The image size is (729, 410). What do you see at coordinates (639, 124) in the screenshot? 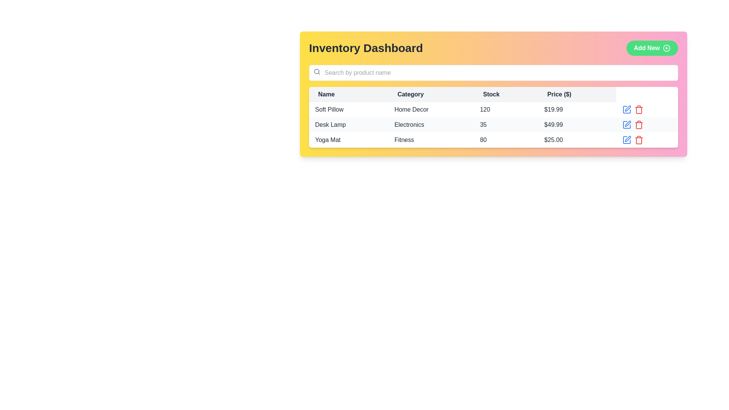
I see `the delete button for the 'Desk Lamp' in the inventory list` at bounding box center [639, 124].